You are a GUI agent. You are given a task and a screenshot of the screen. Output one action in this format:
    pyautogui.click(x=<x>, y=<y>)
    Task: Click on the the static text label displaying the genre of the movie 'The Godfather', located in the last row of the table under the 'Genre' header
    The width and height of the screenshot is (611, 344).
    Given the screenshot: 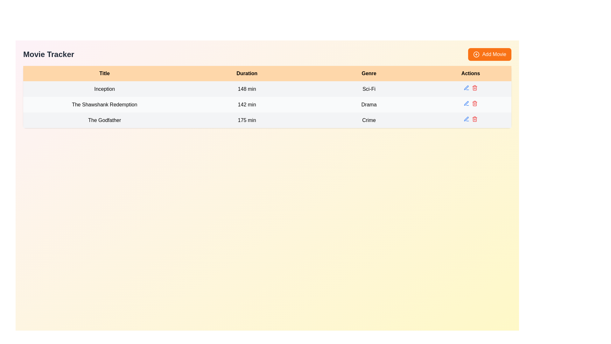 What is the action you would take?
    pyautogui.click(x=369, y=120)
    